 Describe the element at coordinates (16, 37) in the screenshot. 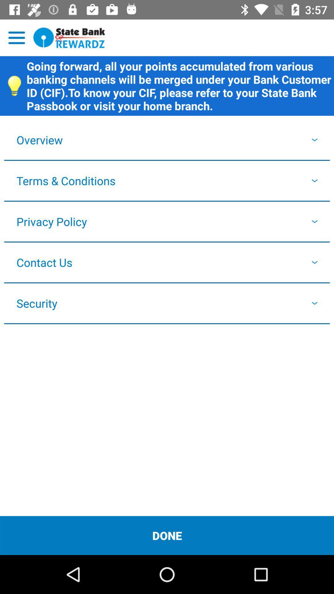

I see `menu` at that location.